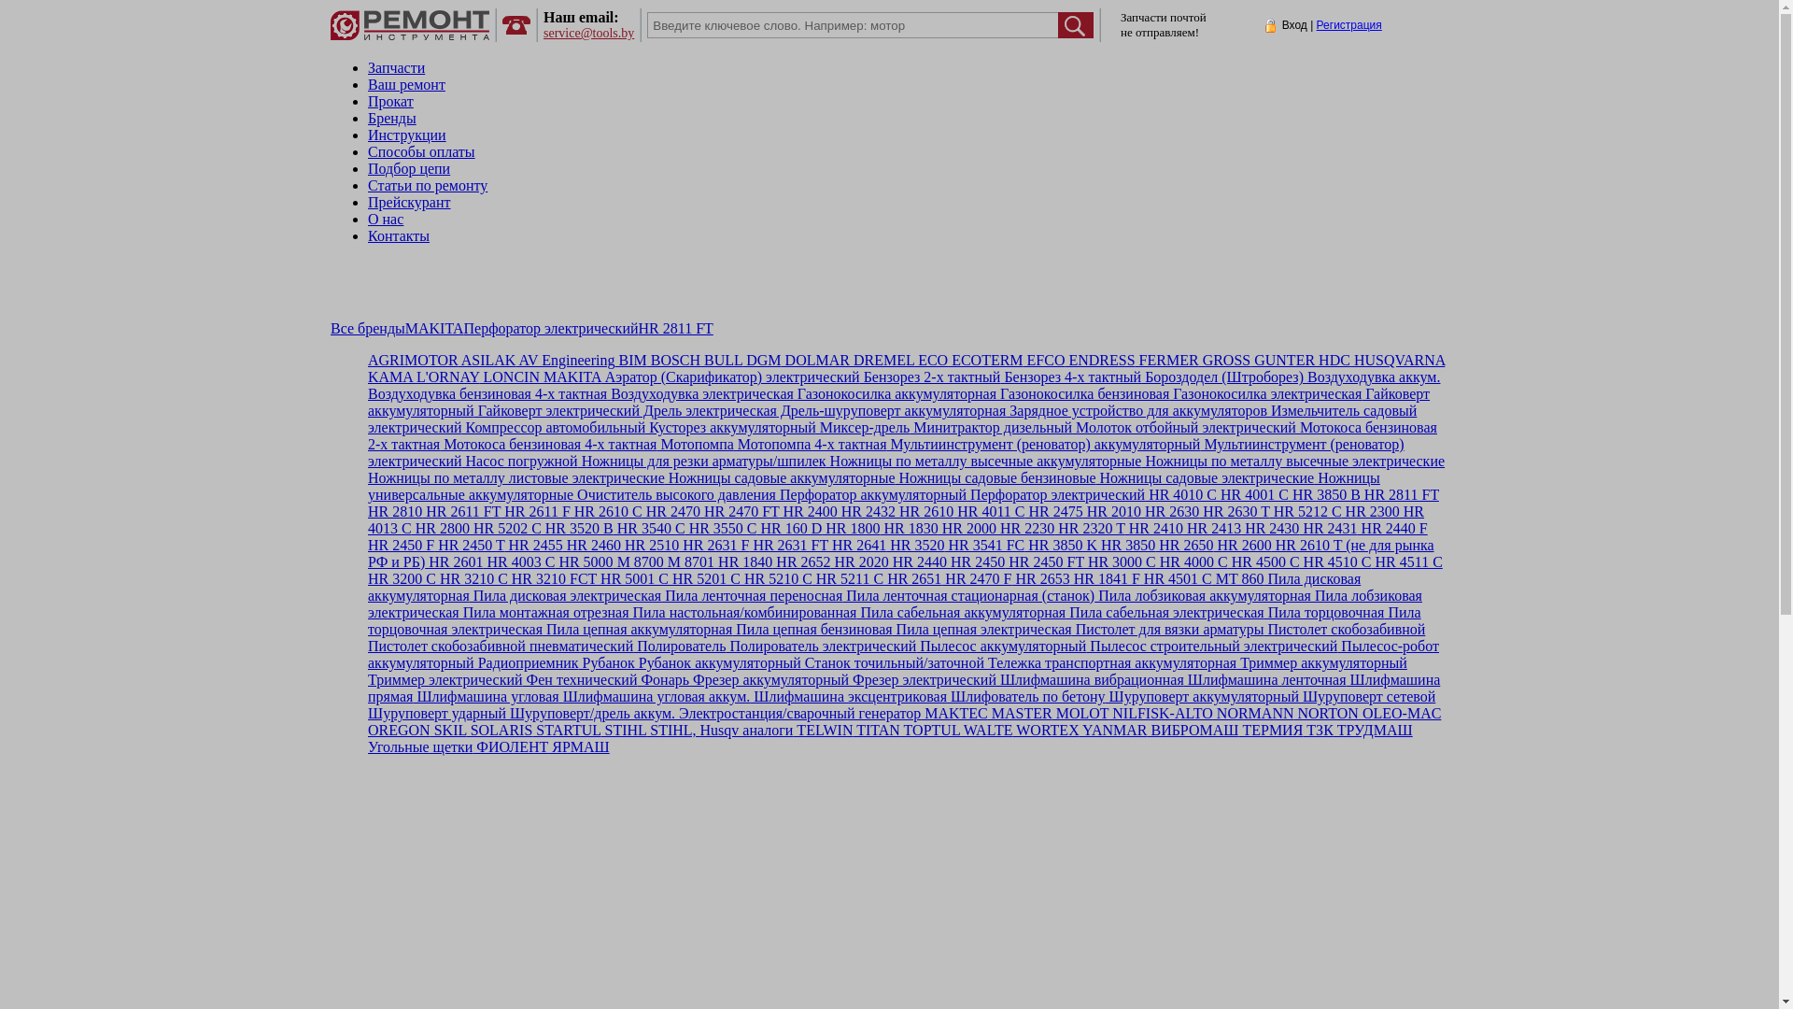 The height and width of the screenshot is (1009, 1793). Describe the element at coordinates (1371, 511) in the screenshot. I see `'HR 2300'` at that location.